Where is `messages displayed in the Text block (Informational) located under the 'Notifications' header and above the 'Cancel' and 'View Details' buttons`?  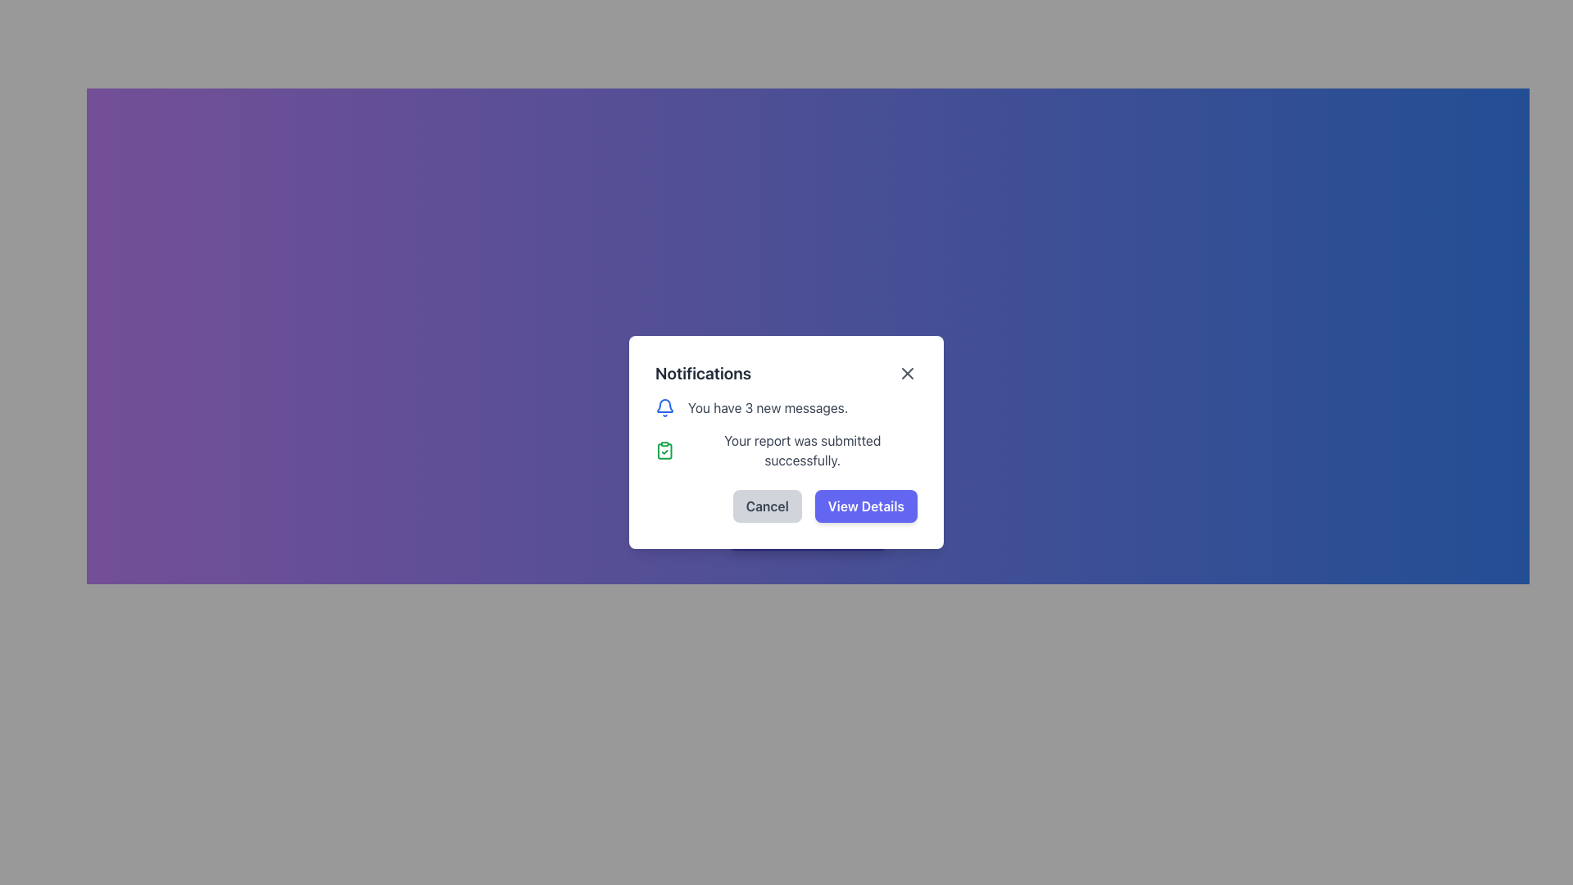 messages displayed in the Text block (Informational) located under the 'Notifications' header and above the 'Cancel' and 'View Details' buttons is located at coordinates (786, 433).